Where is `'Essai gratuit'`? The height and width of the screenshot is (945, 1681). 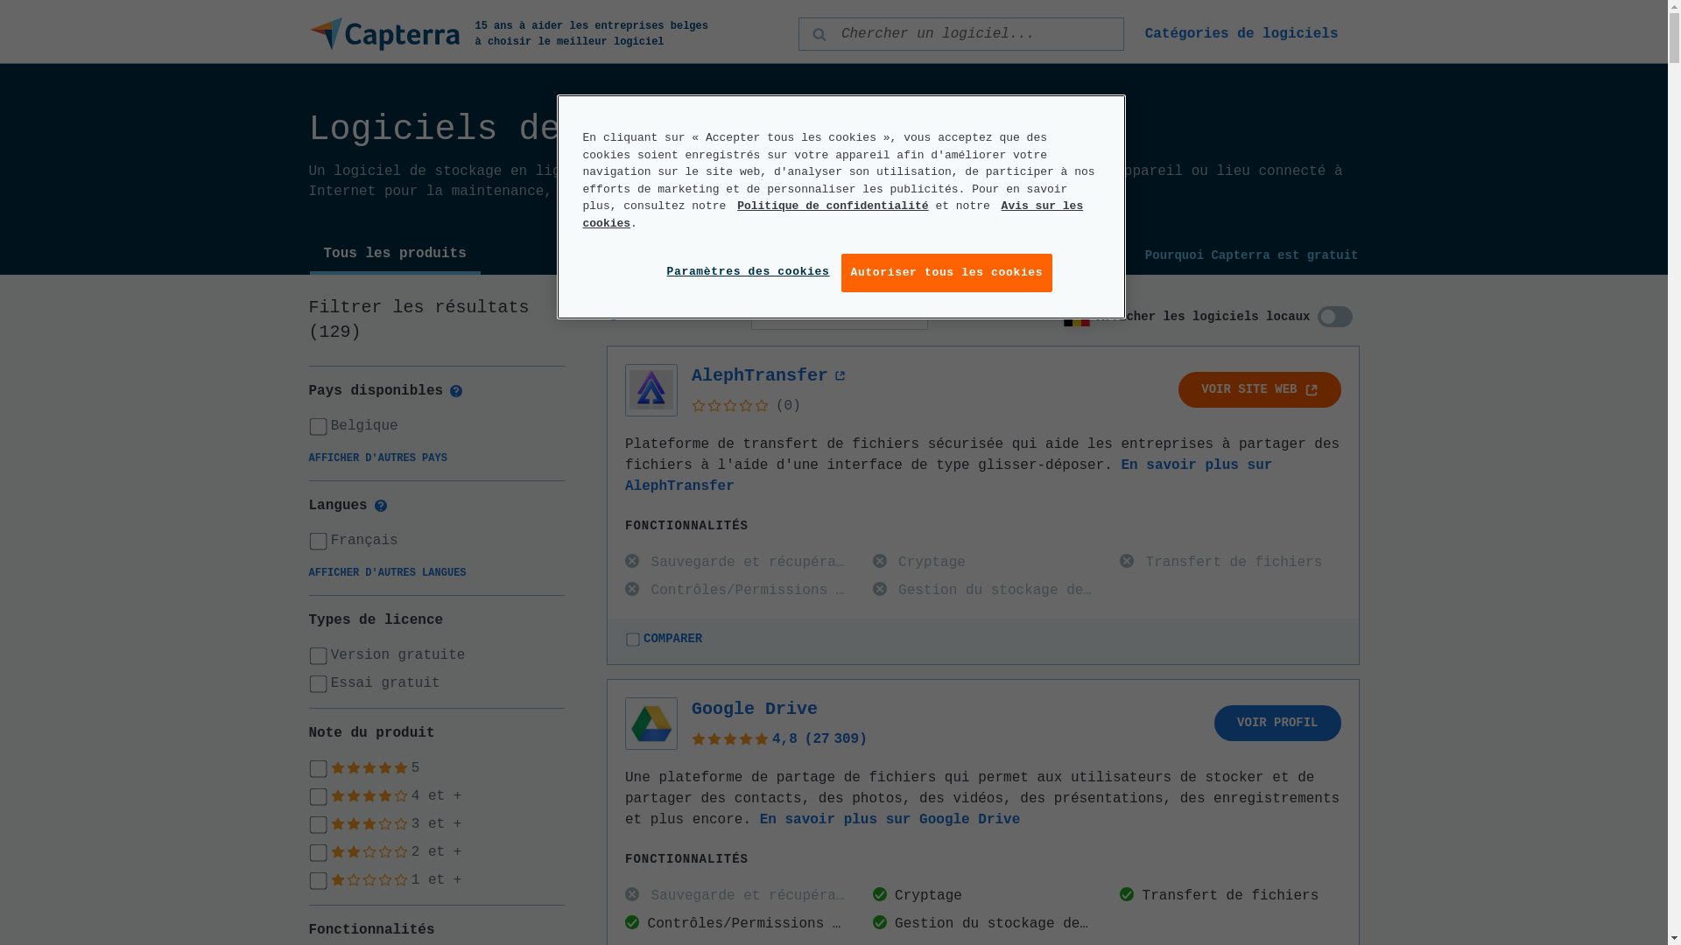
'Essai gratuit' is located at coordinates (436, 682).